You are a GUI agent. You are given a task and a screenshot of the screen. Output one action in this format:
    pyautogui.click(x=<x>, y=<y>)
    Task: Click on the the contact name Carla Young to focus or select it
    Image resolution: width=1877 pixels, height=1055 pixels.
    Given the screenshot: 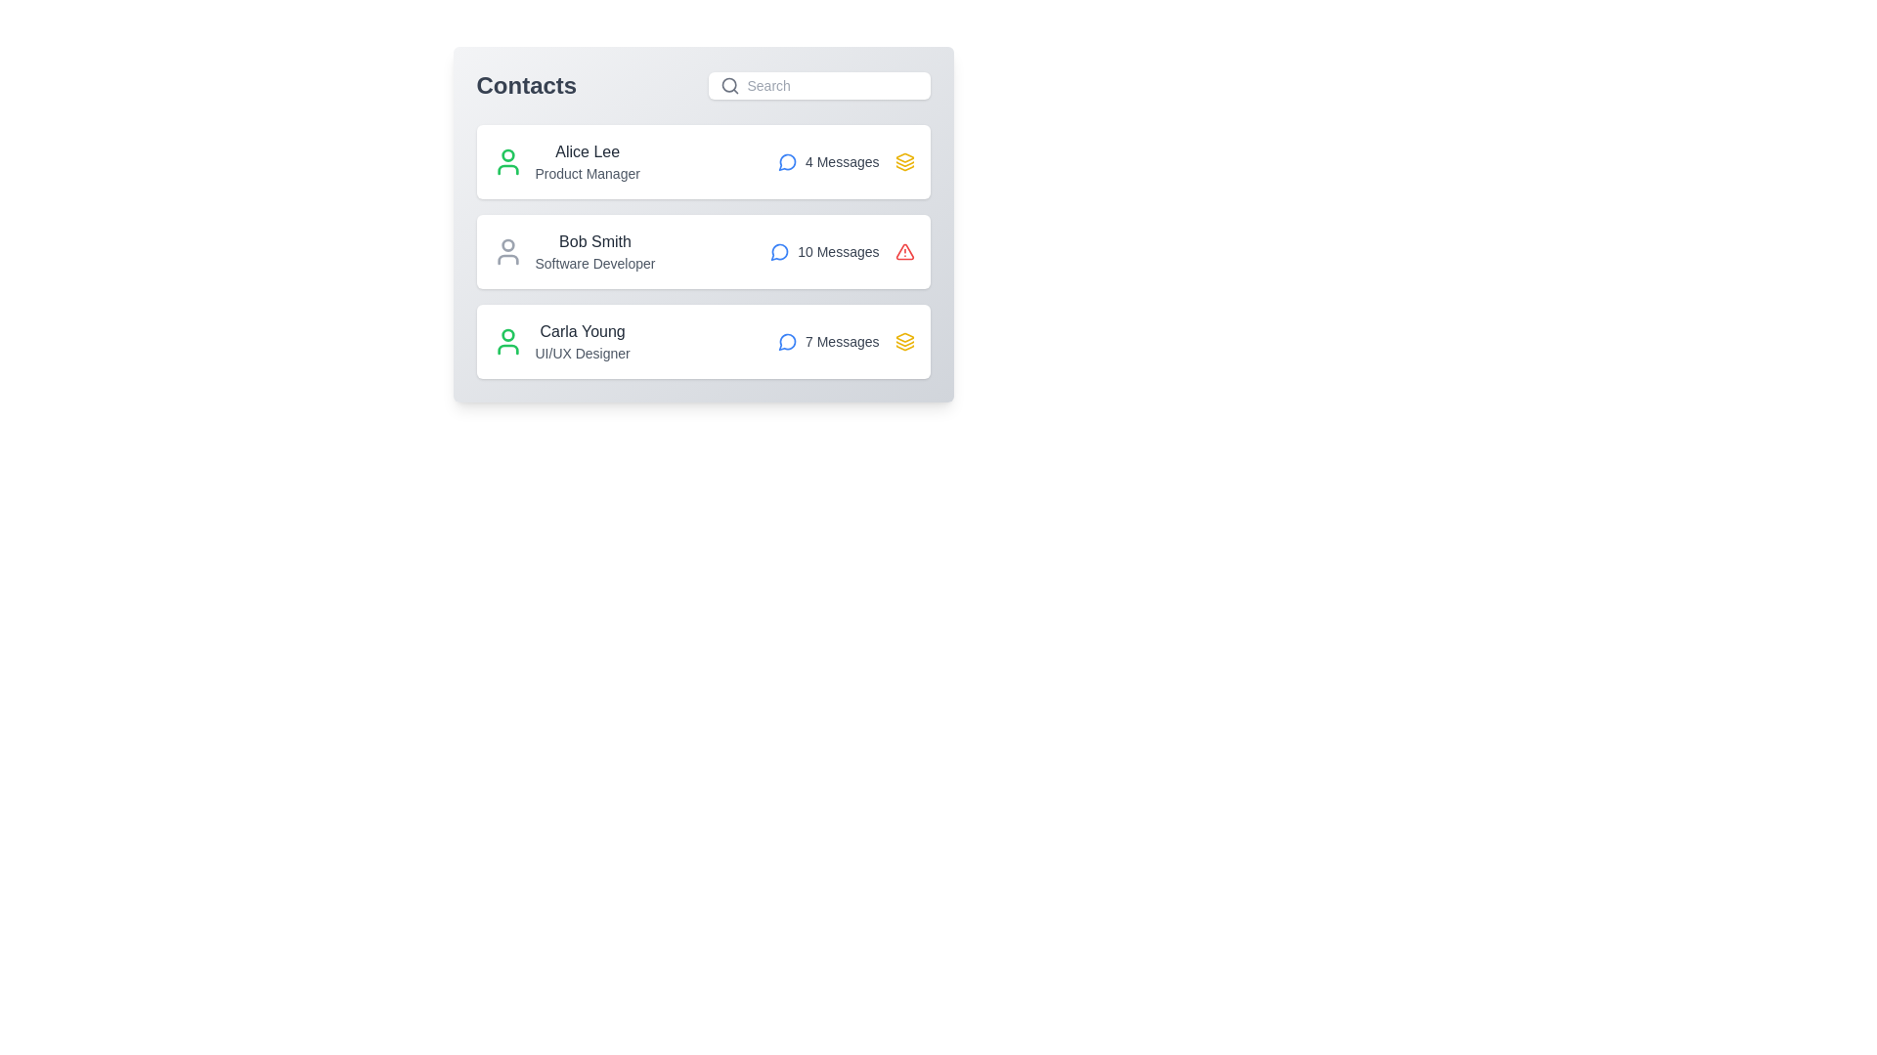 What is the action you would take?
    pyautogui.click(x=581, y=330)
    